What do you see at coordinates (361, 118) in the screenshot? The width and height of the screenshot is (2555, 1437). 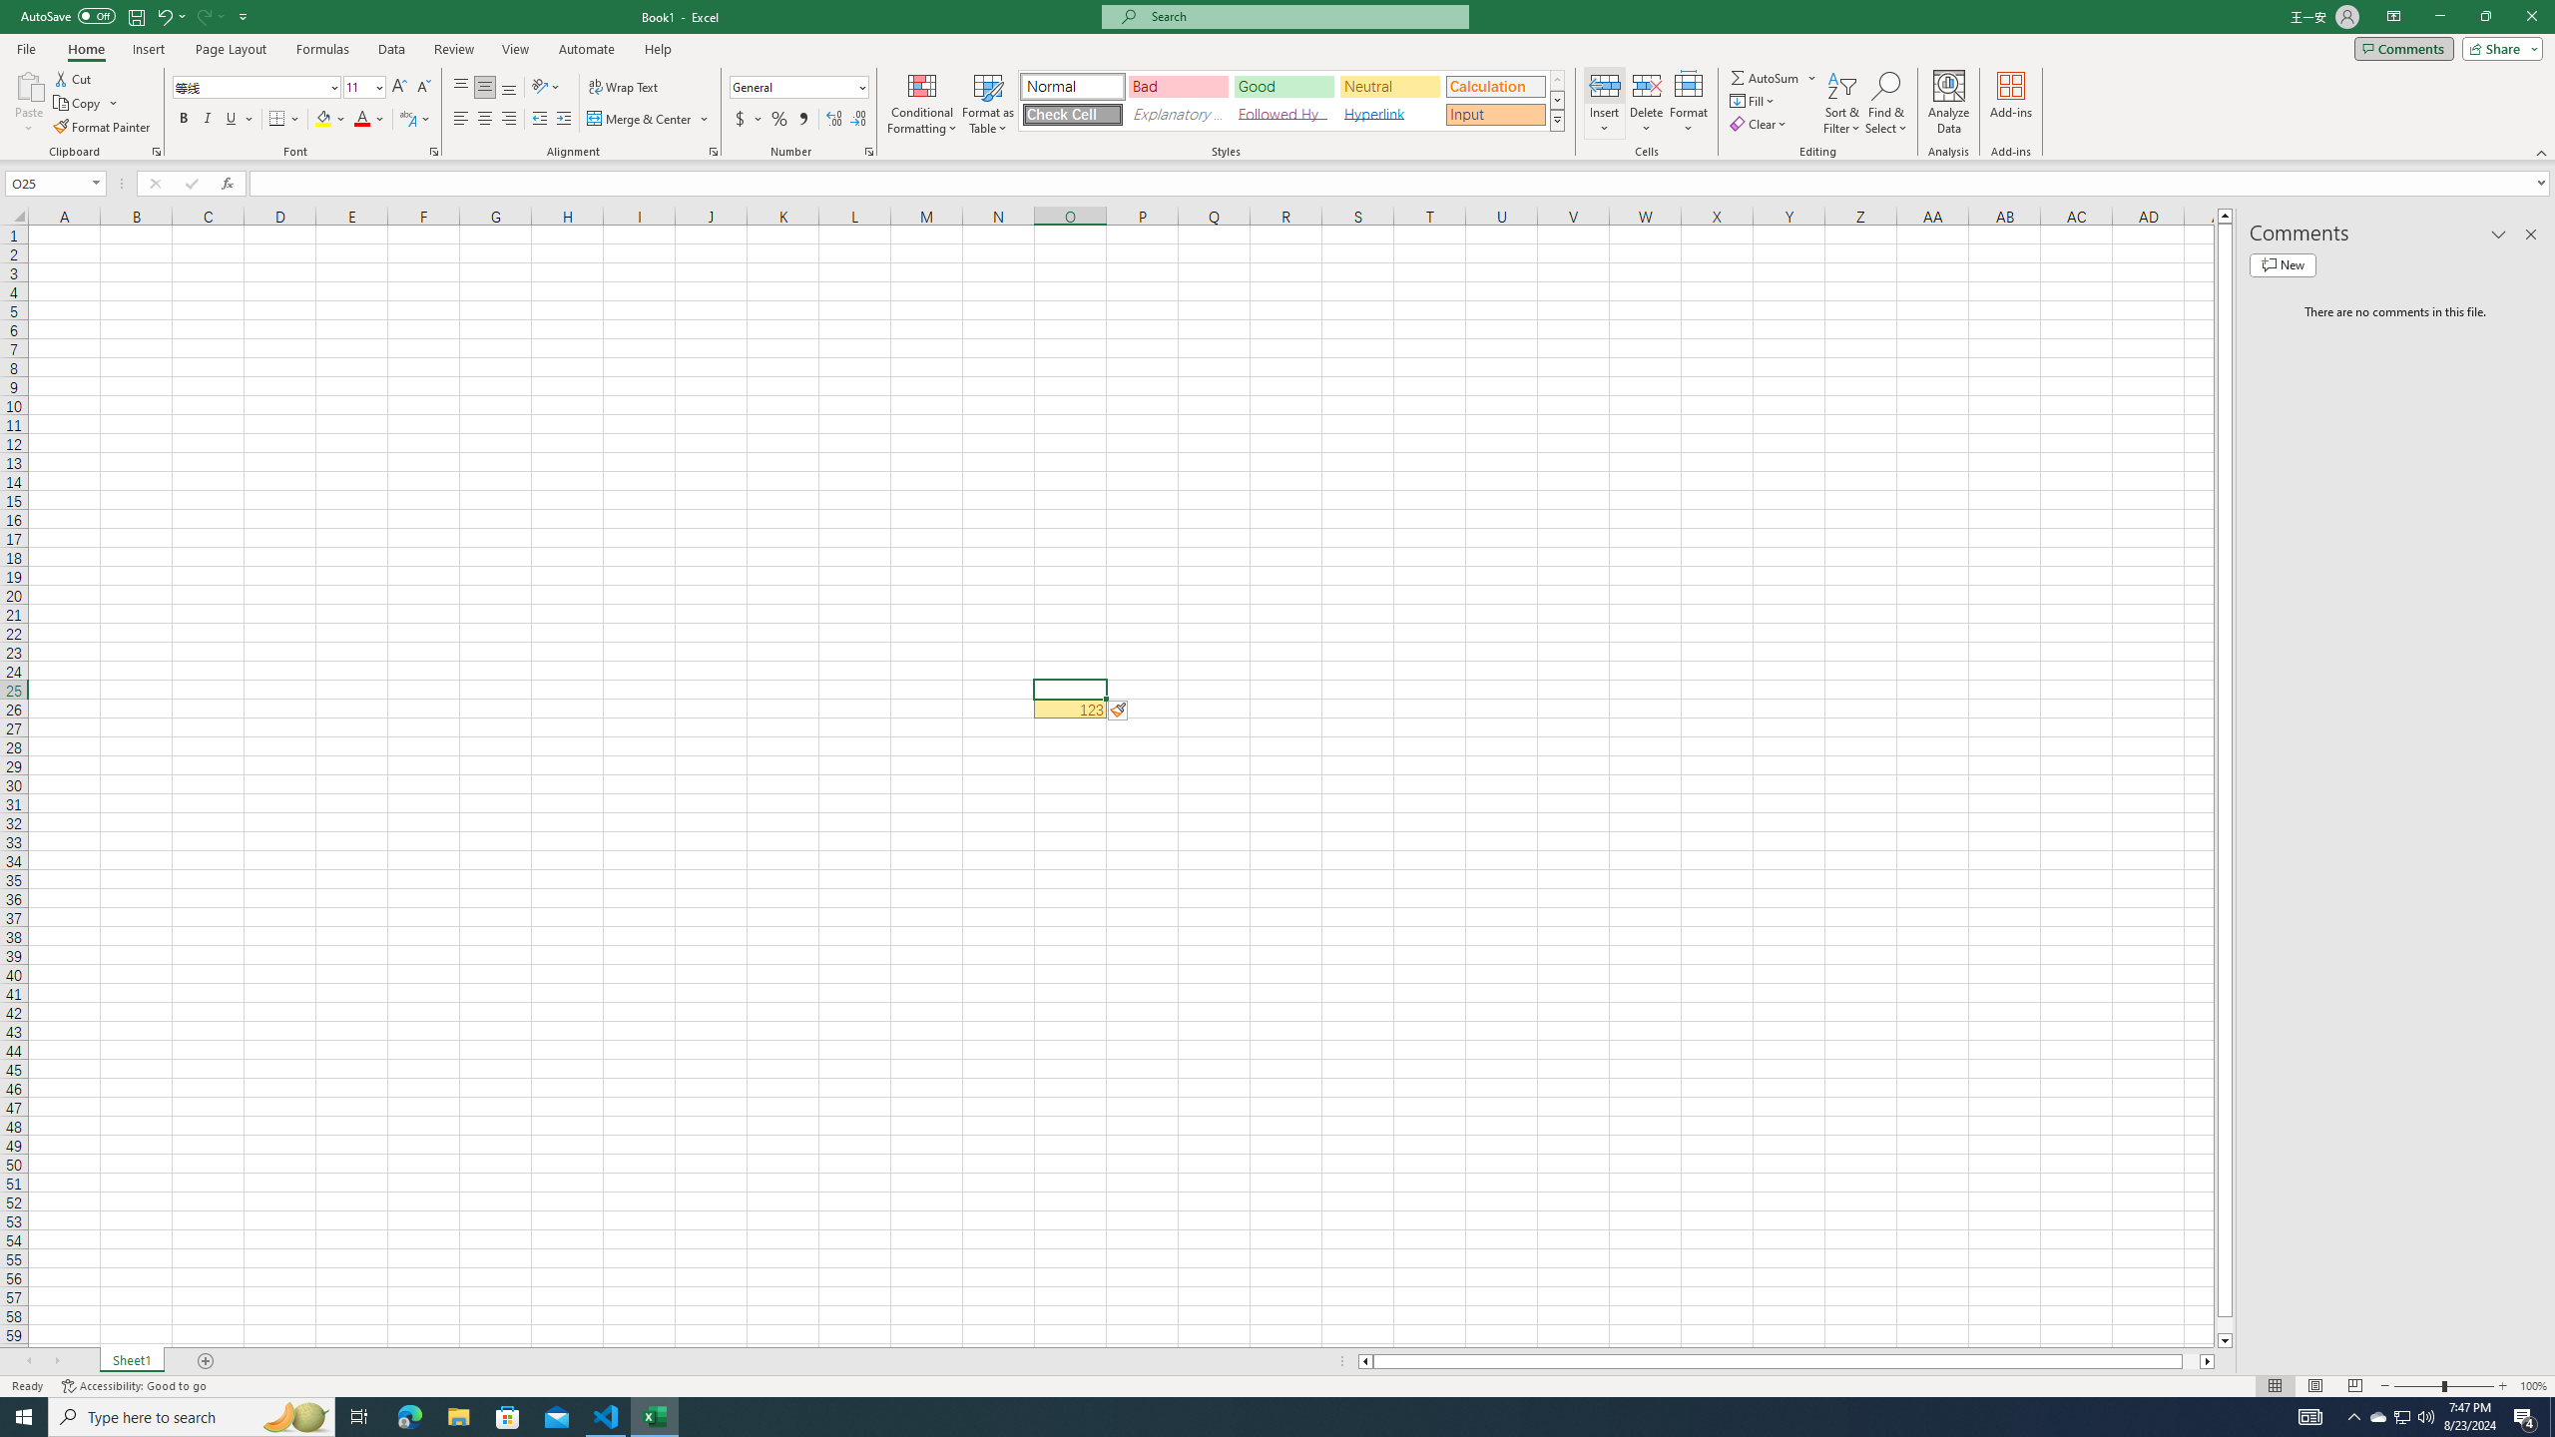 I see `'Font Color RGB(255, 0, 0)'` at bounding box center [361, 118].